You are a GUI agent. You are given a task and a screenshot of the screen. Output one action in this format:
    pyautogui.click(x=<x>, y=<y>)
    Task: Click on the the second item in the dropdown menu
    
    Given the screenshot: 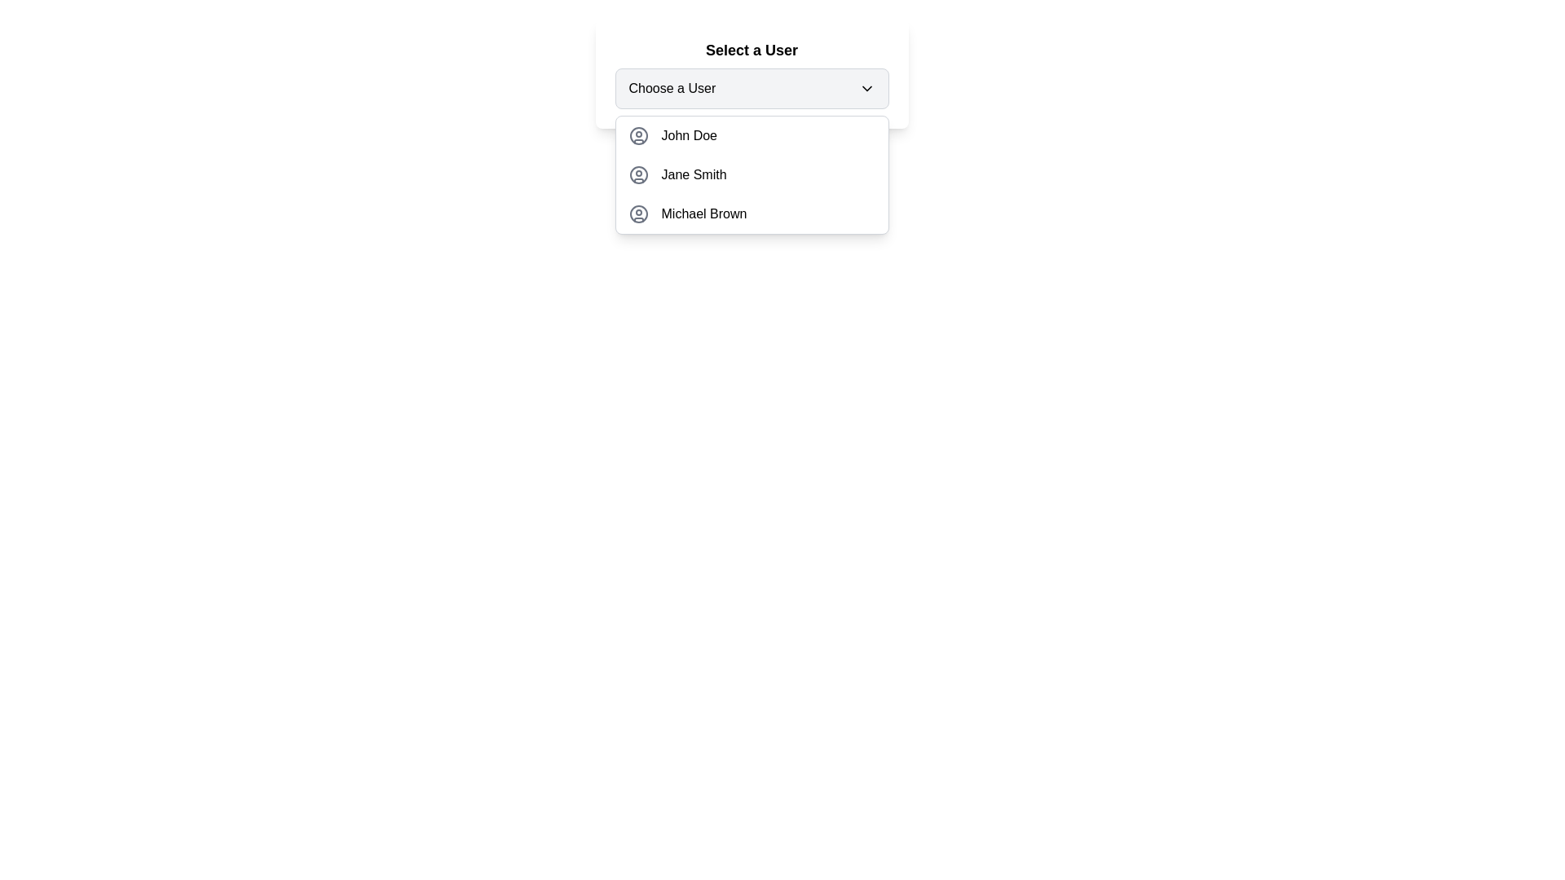 What is the action you would take?
    pyautogui.click(x=751, y=175)
    